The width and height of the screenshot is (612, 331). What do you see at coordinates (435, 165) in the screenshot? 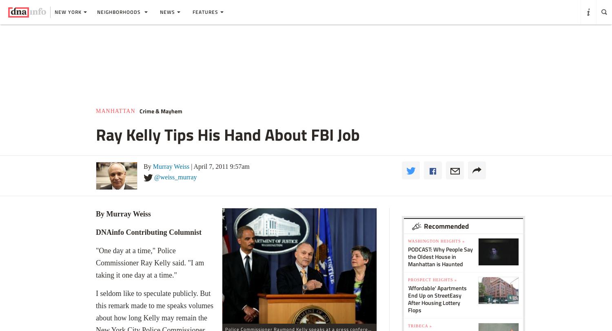
I see `'Facebook'` at bounding box center [435, 165].